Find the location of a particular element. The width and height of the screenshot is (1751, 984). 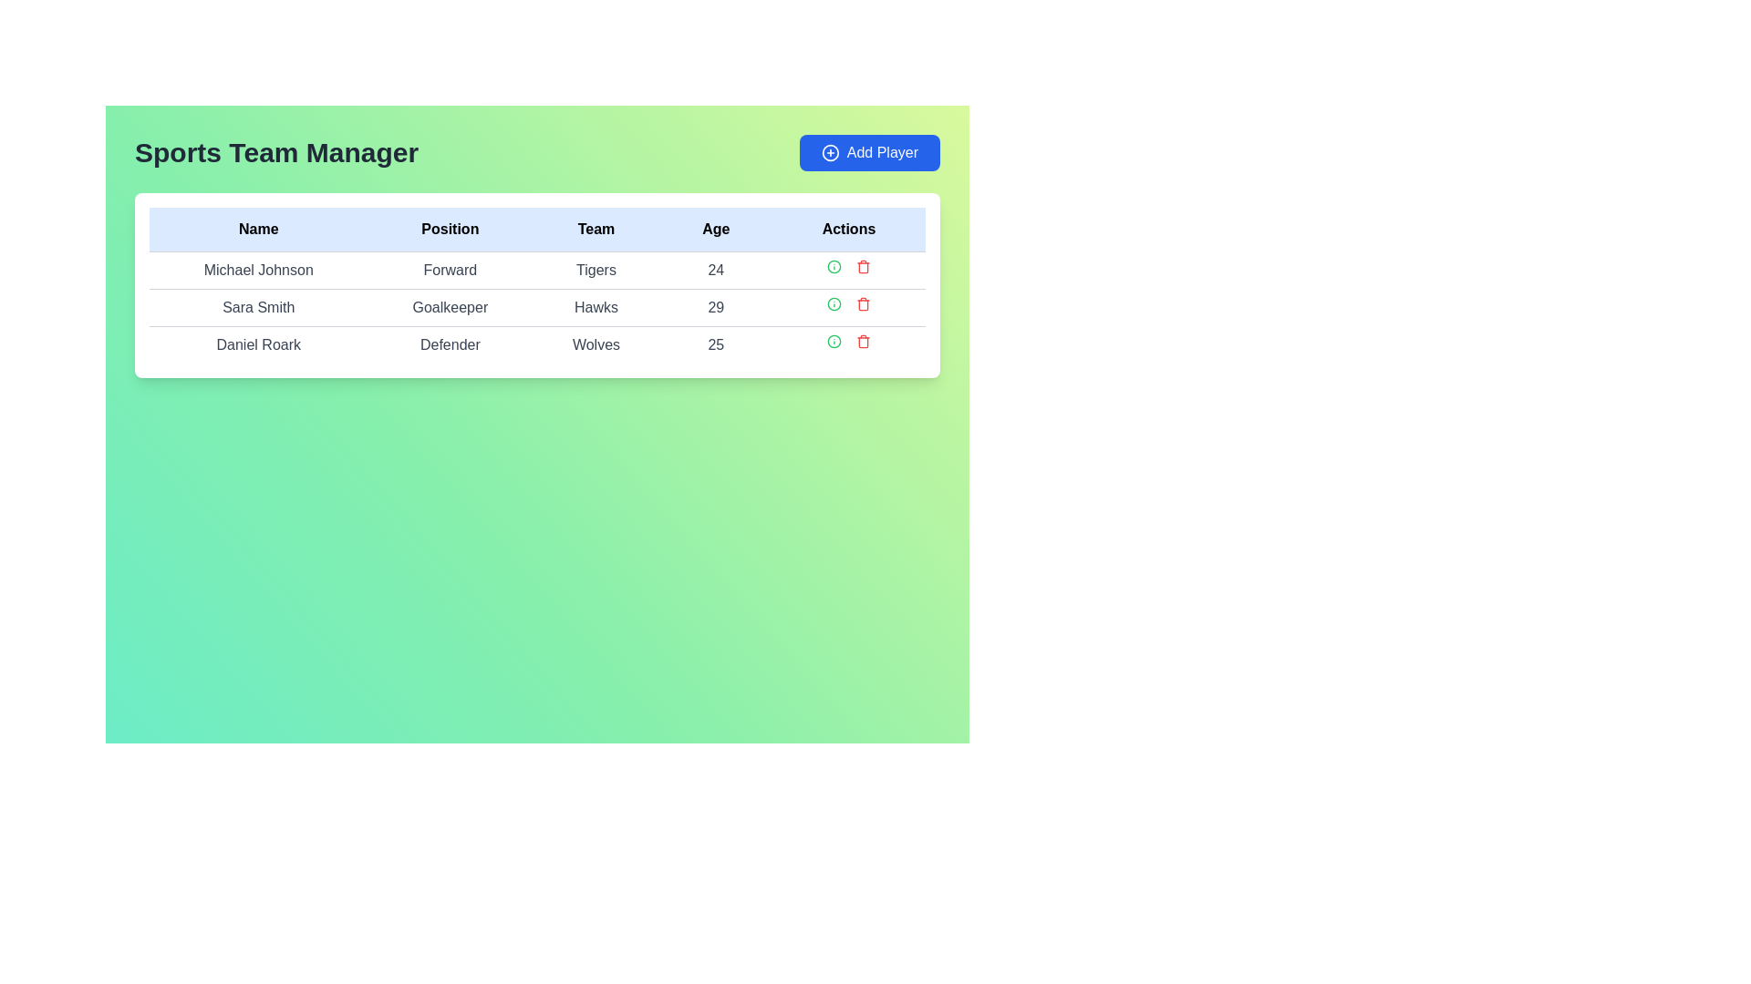

the delete button icon located in the 'Actions' column of the second row in the tabular layout is located at coordinates (862, 303).